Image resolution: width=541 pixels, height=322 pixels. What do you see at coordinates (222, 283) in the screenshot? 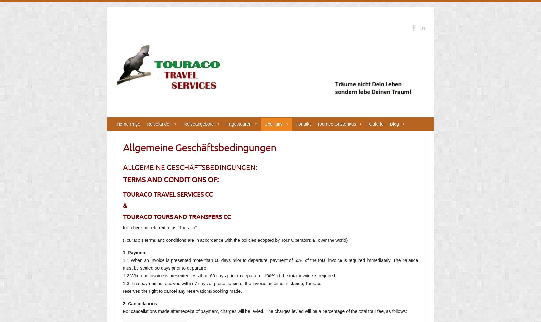
I see `'1.3 If no payment is received within 7 days of presentation of the invoice, in either instance, Touraco'` at bounding box center [222, 283].